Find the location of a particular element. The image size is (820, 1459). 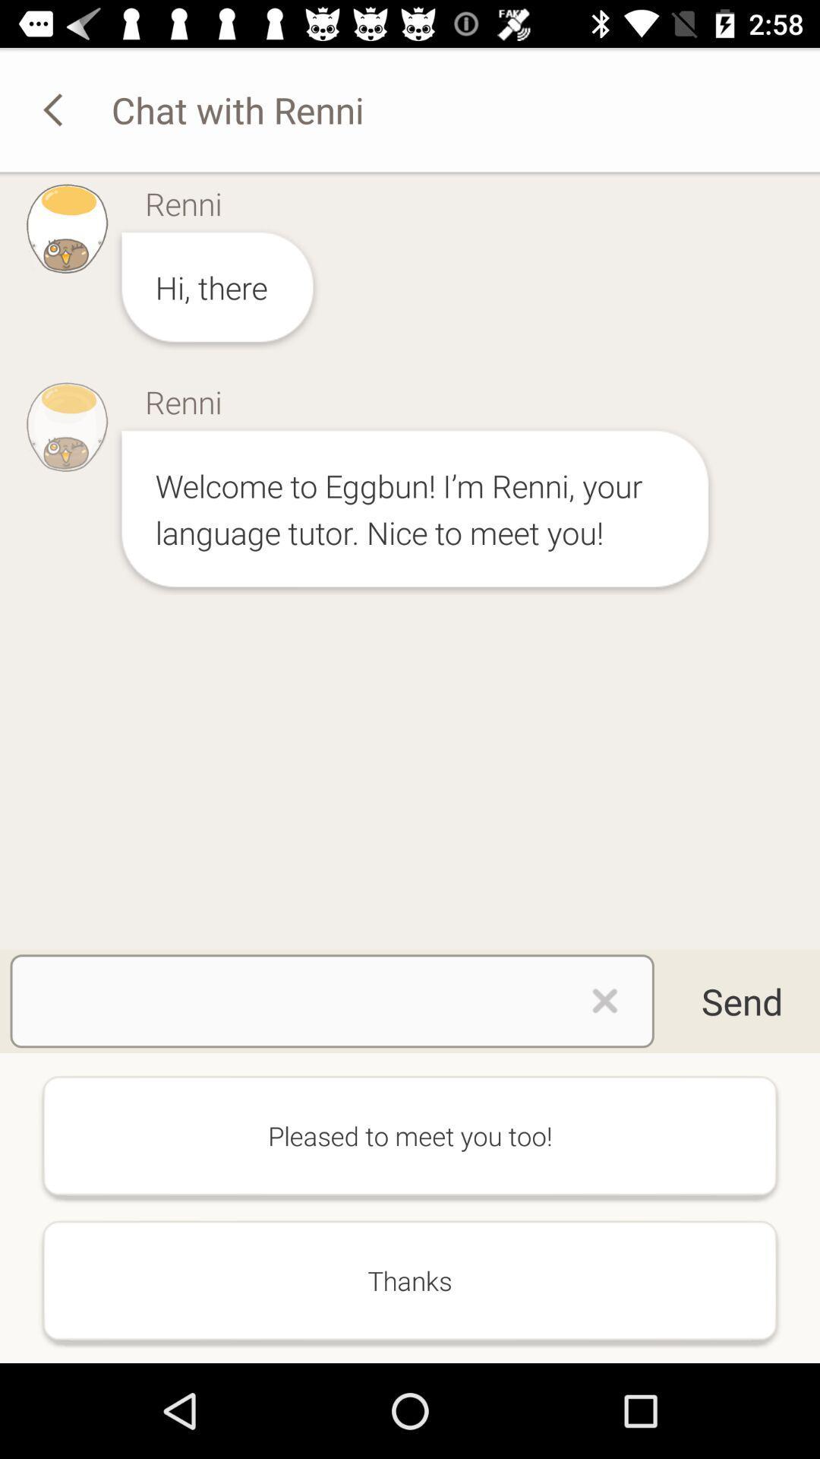

the arrow_backward icon is located at coordinates (55, 109).